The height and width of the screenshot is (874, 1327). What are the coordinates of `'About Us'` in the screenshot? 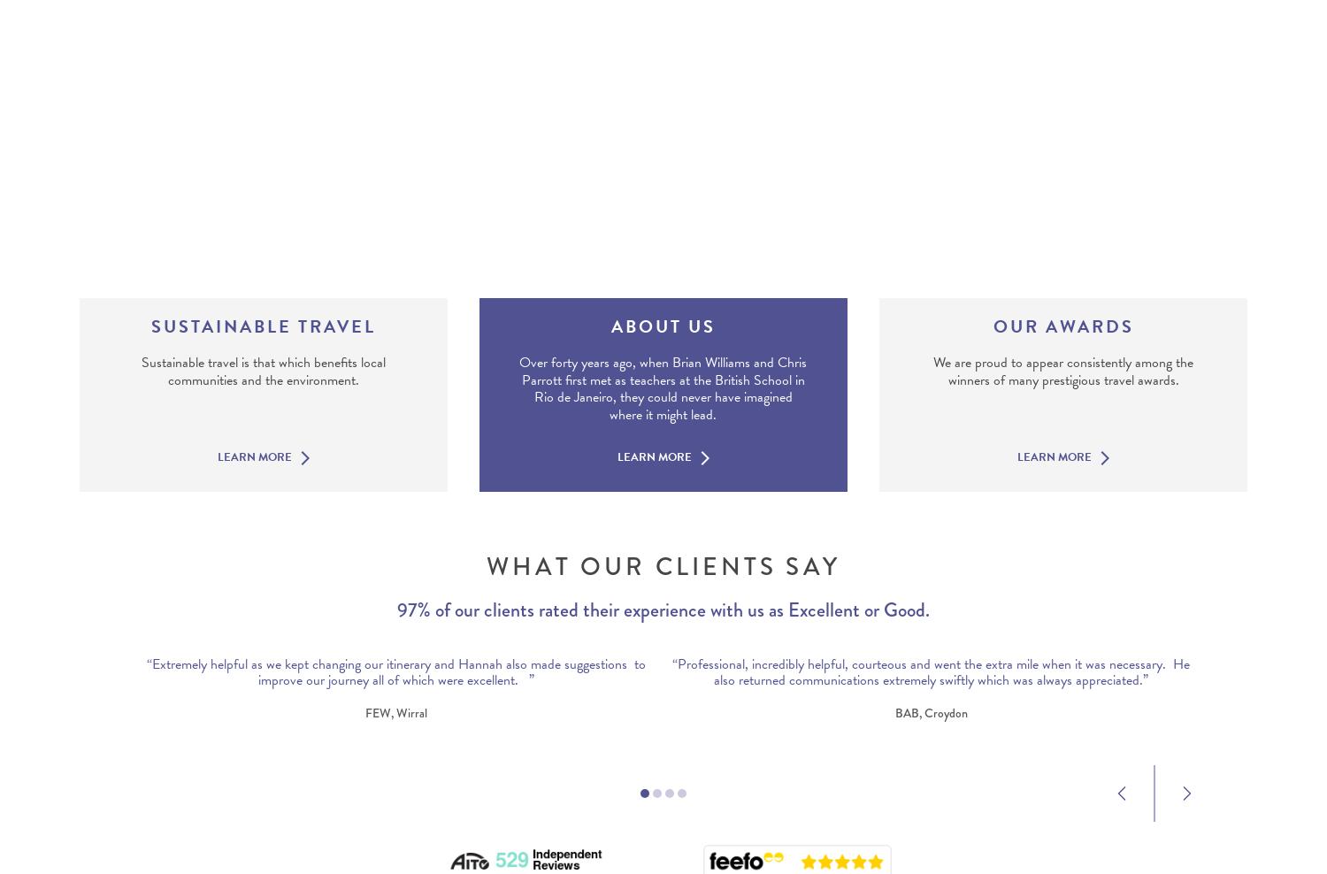 It's located at (661, 326).